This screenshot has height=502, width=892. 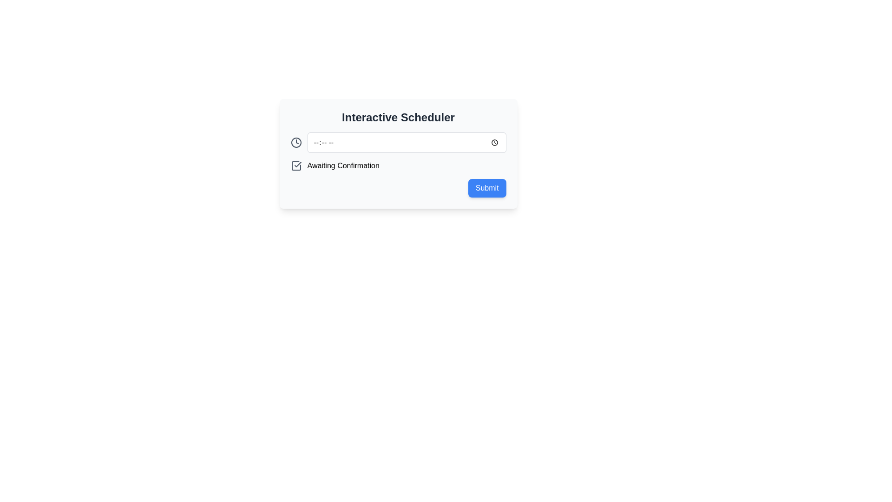 What do you see at coordinates (295, 165) in the screenshot?
I see `the checkmark icon enclosed within a square, which is positioned to the left of the text 'Awaiting Confirmation'` at bounding box center [295, 165].